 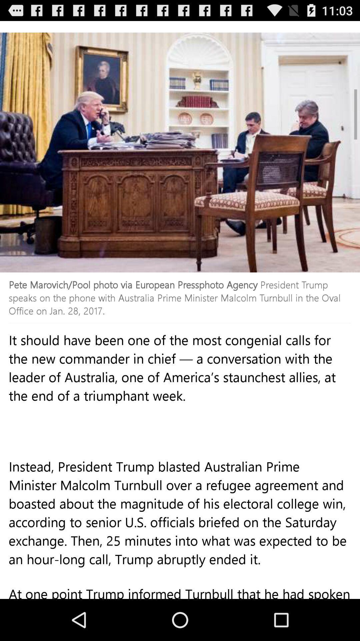 I want to click on item above the at one point icon, so click(x=180, y=527).